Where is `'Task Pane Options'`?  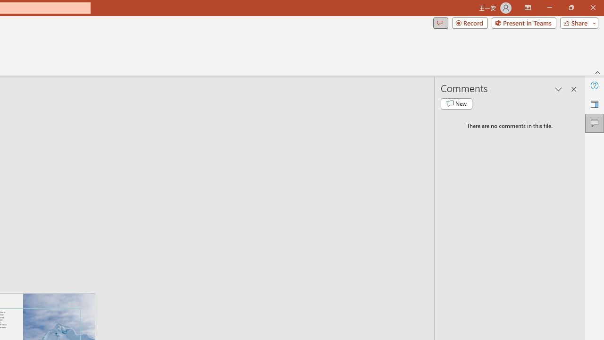 'Task Pane Options' is located at coordinates (559, 89).